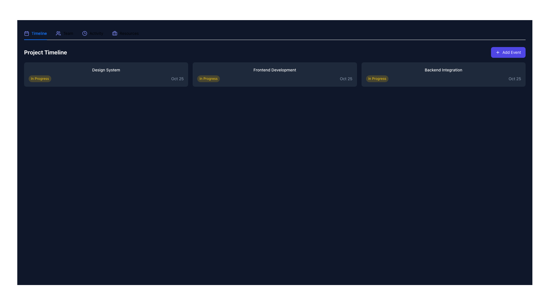 The image size is (544, 306). Describe the element at coordinates (443, 74) in the screenshot. I see `the task card named 'Backend Integration' located in the third column of the grid layout` at that location.